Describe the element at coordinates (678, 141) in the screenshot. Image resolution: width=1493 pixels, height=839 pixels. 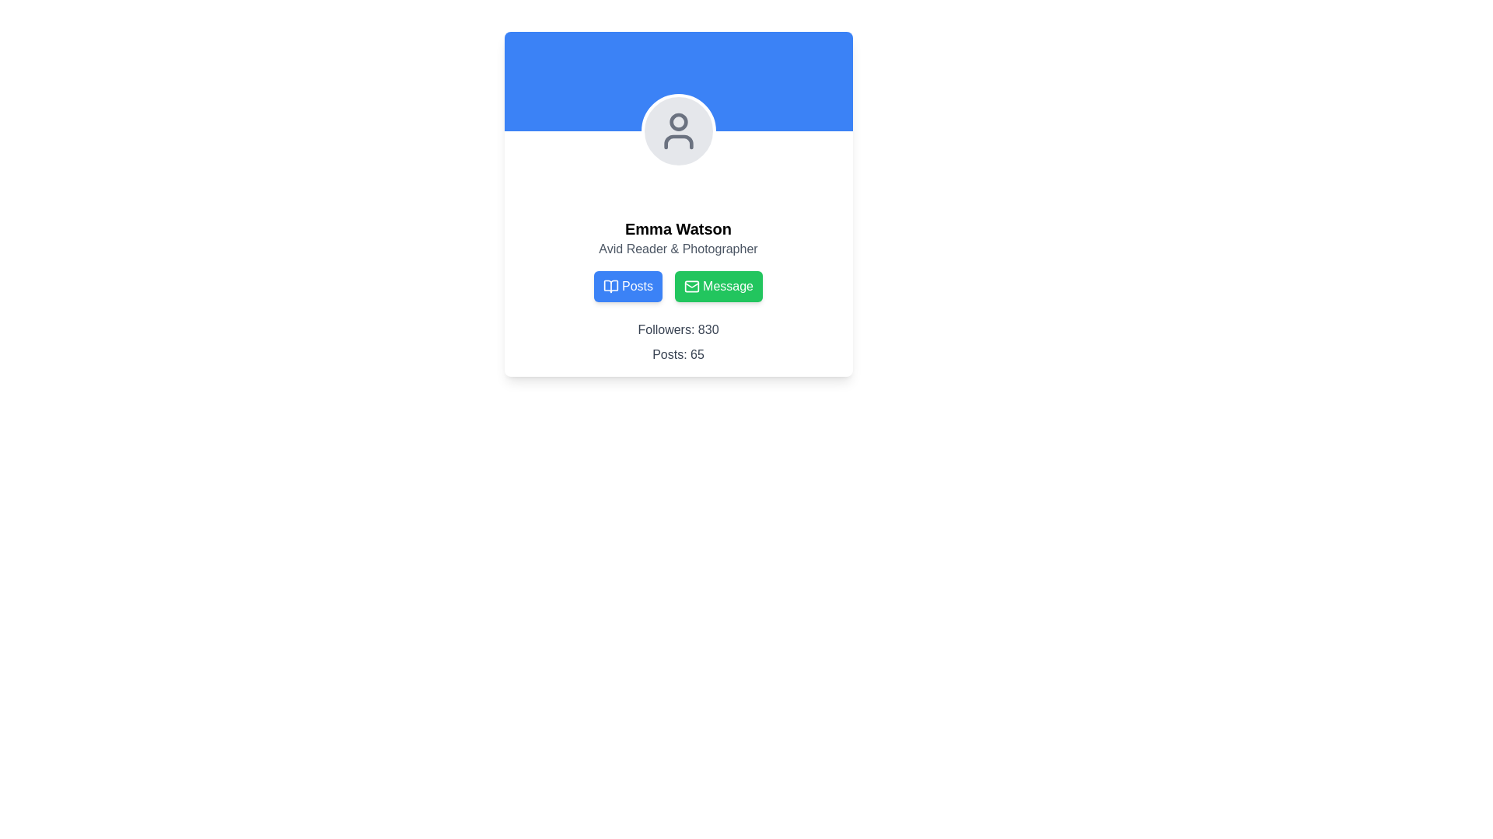
I see `the decorative graphical component styled as a grayish rounded rectangle located beneath the user avatar icon in the user profile card` at that location.